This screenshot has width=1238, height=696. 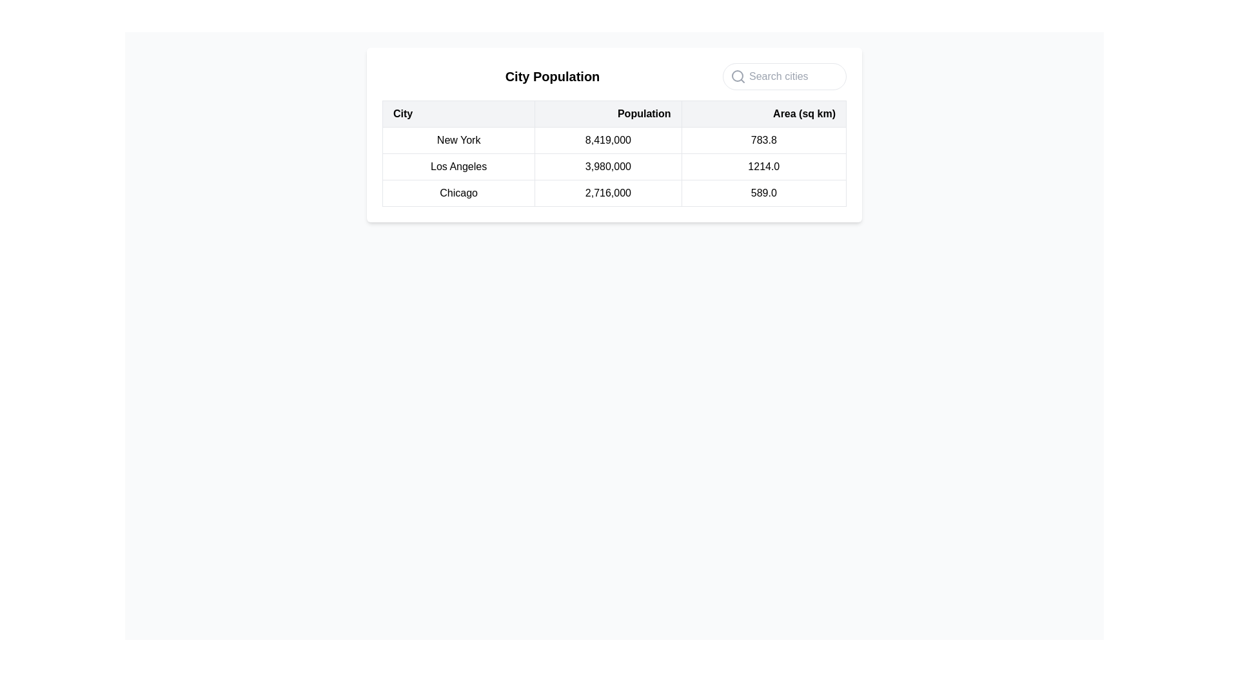 What do you see at coordinates (763, 166) in the screenshot?
I see `the table cell displaying the area of Los Angeles in square kilometers, which is the third cell in the second row under the 'Area (sq km)' header` at bounding box center [763, 166].